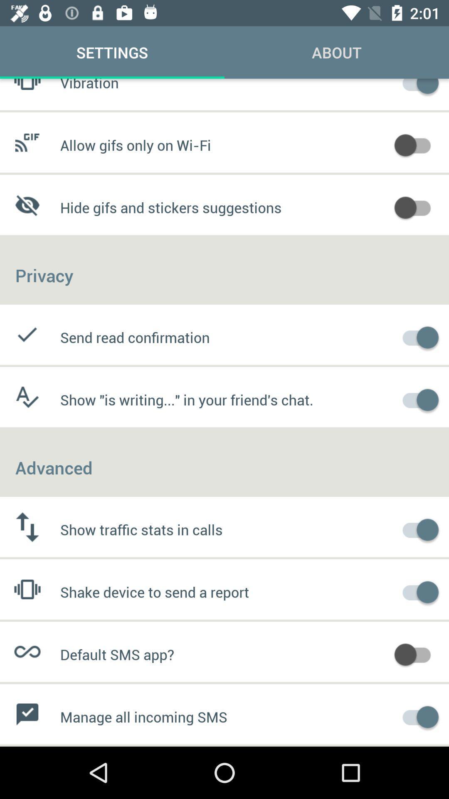 This screenshot has width=449, height=799. What do you see at coordinates (417, 591) in the screenshot?
I see `option` at bounding box center [417, 591].